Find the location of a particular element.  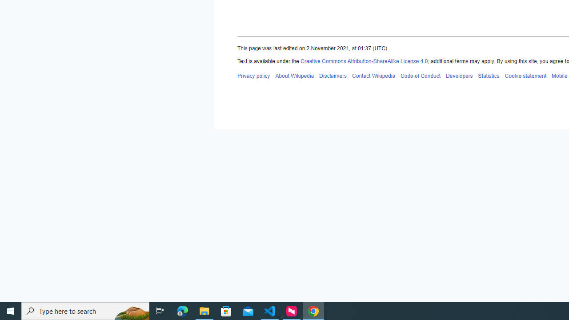

'Developers' is located at coordinates (459, 75).